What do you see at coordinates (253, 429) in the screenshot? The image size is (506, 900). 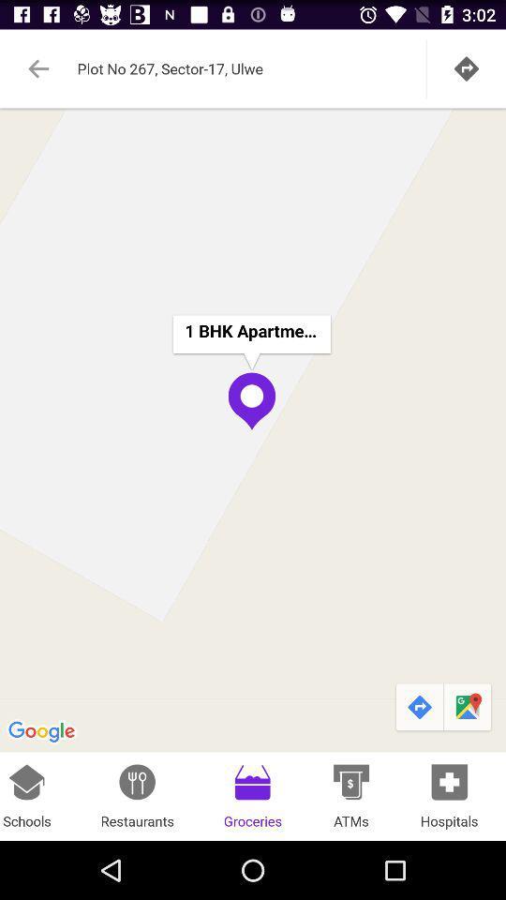 I see `icon at the center` at bounding box center [253, 429].